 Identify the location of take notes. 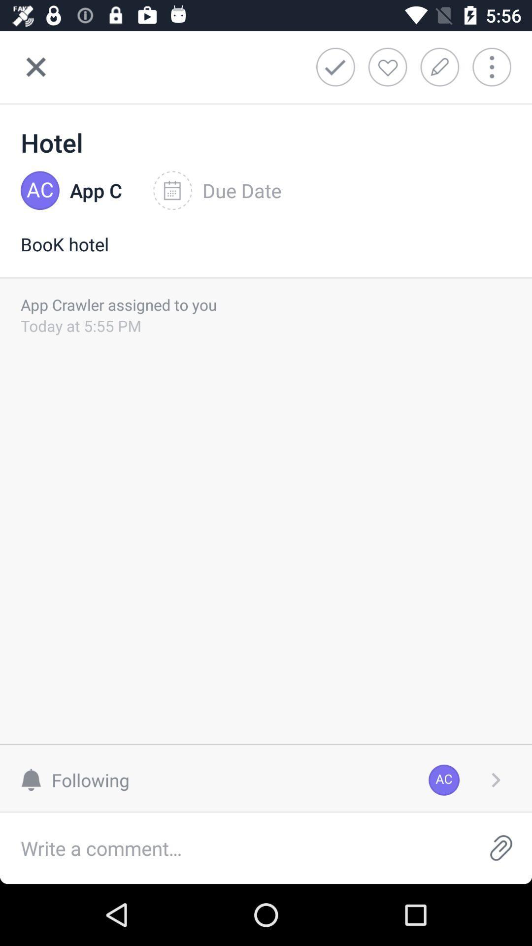
(442, 67).